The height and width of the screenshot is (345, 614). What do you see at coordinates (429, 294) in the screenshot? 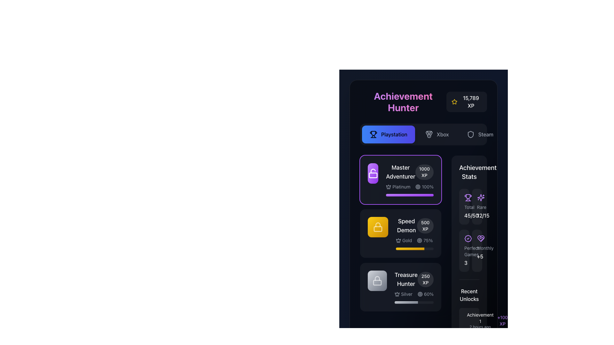
I see `the text displaying '60%' located at the bottom-right corner of the 'Treasure Hunter' card, which is part of a dark-themed UI` at bounding box center [429, 294].